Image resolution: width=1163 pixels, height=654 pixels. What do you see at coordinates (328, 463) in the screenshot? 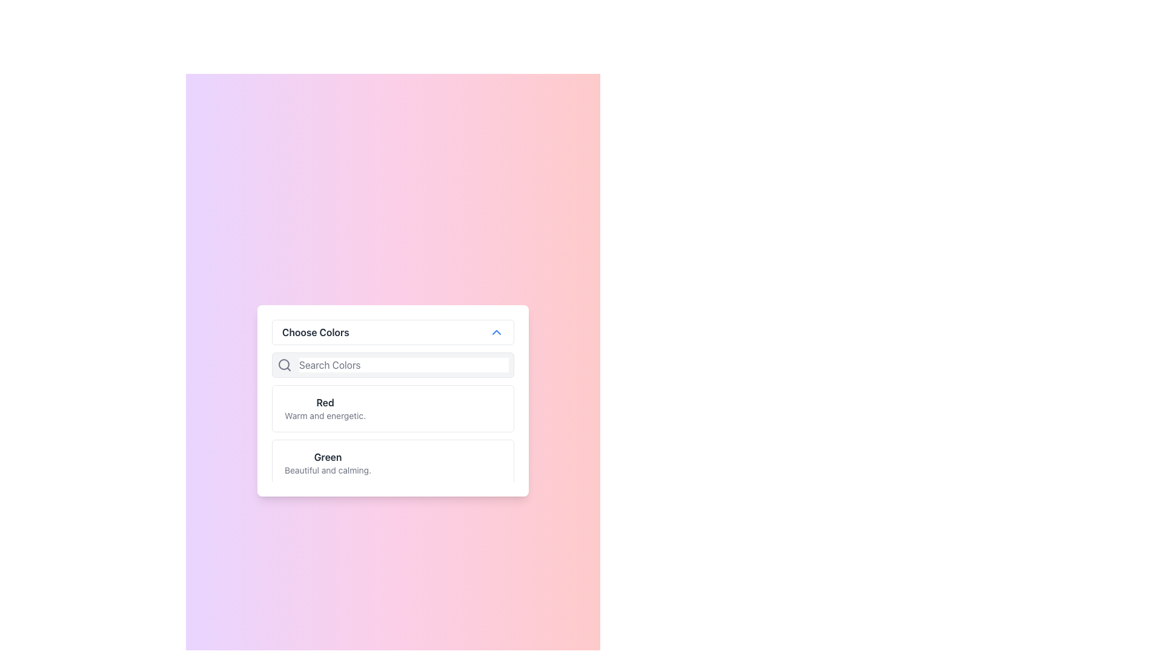
I see `the selectable list item representing the color 'Green'` at bounding box center [328, 463].